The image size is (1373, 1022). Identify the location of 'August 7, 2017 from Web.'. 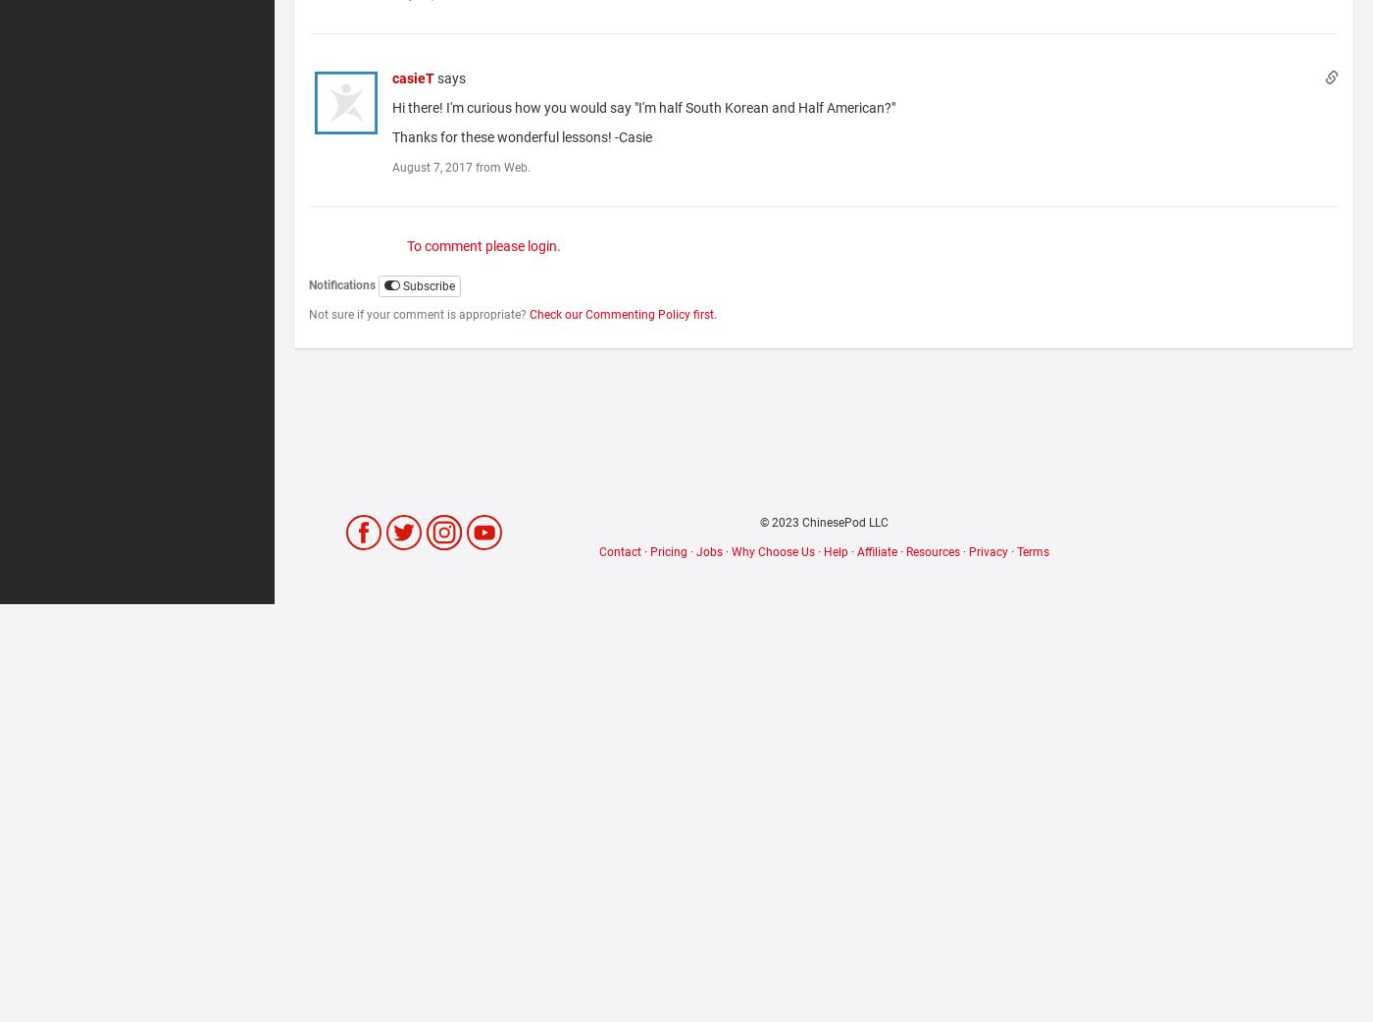
(390, 167).